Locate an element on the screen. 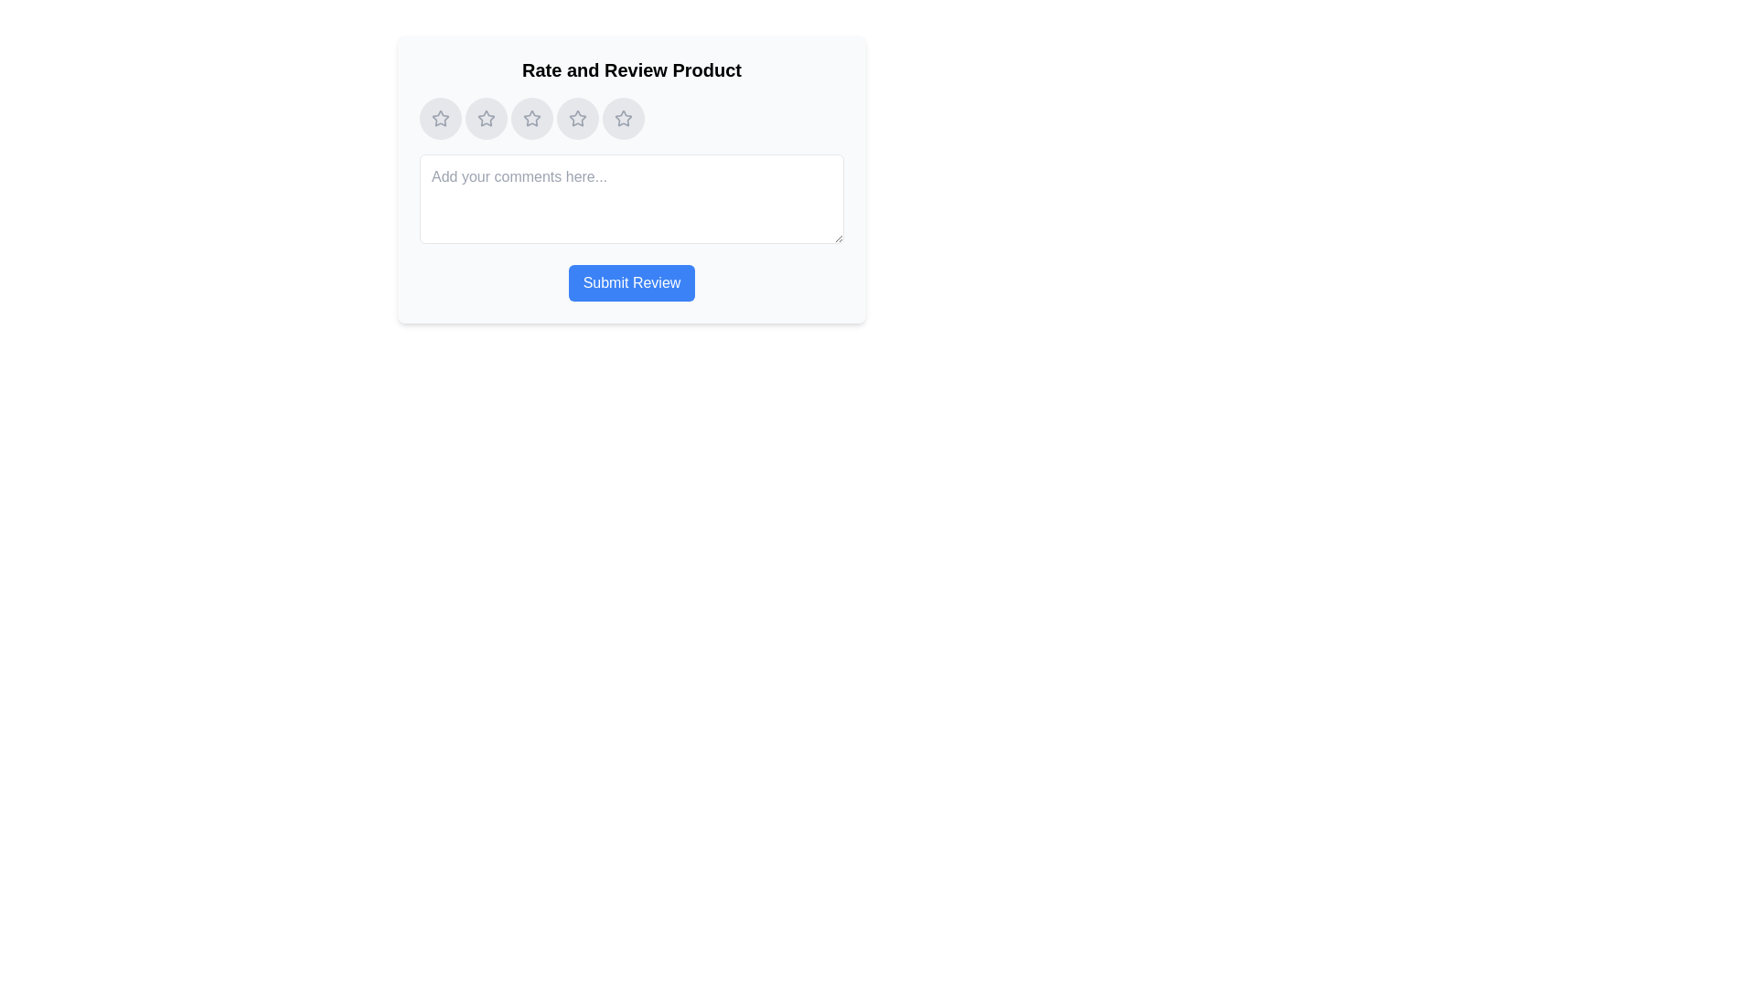 Image resolution: width=1756 pixels, height=987 pixels. the third round button featuring a star icon with a gray background in the 'Rate and Review Product' section is located at coordinates (530, 119).